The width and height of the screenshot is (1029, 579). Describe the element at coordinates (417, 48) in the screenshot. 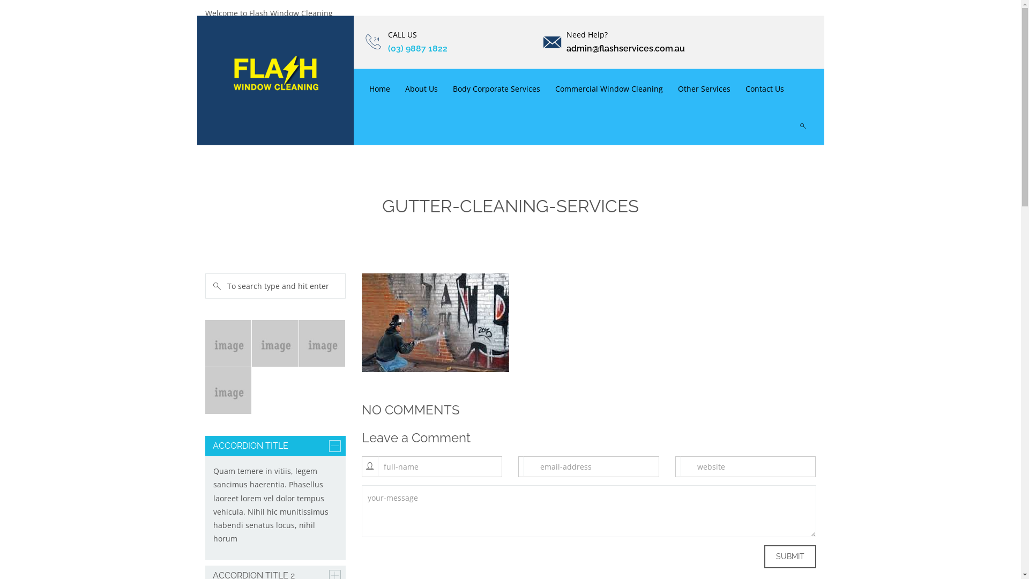

I see `'(03) 9887 1822'` at that location.